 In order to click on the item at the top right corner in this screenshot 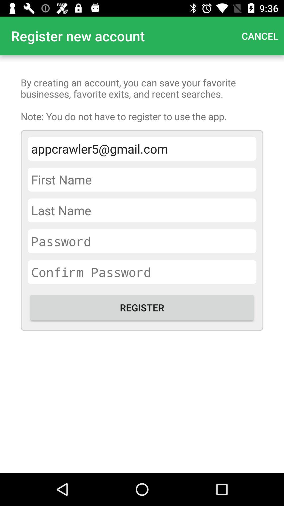, I will do `click(260, 36)`.